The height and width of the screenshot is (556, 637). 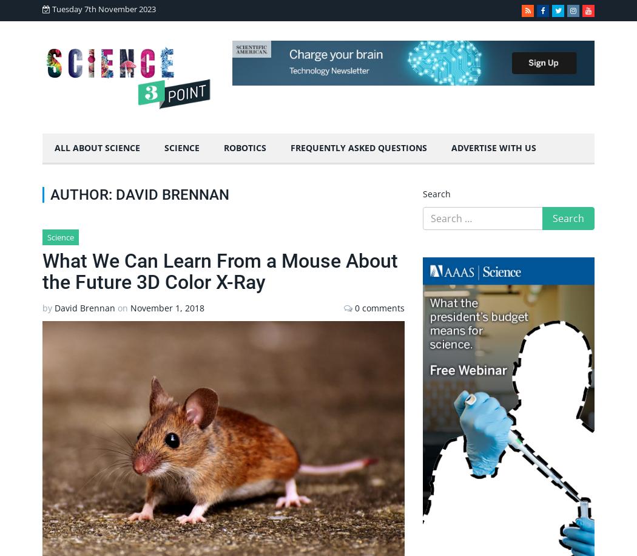 What do you see at coordinates (436, 193) in the screenshot?
I see `'Search'` at bounding box center [436, 193].